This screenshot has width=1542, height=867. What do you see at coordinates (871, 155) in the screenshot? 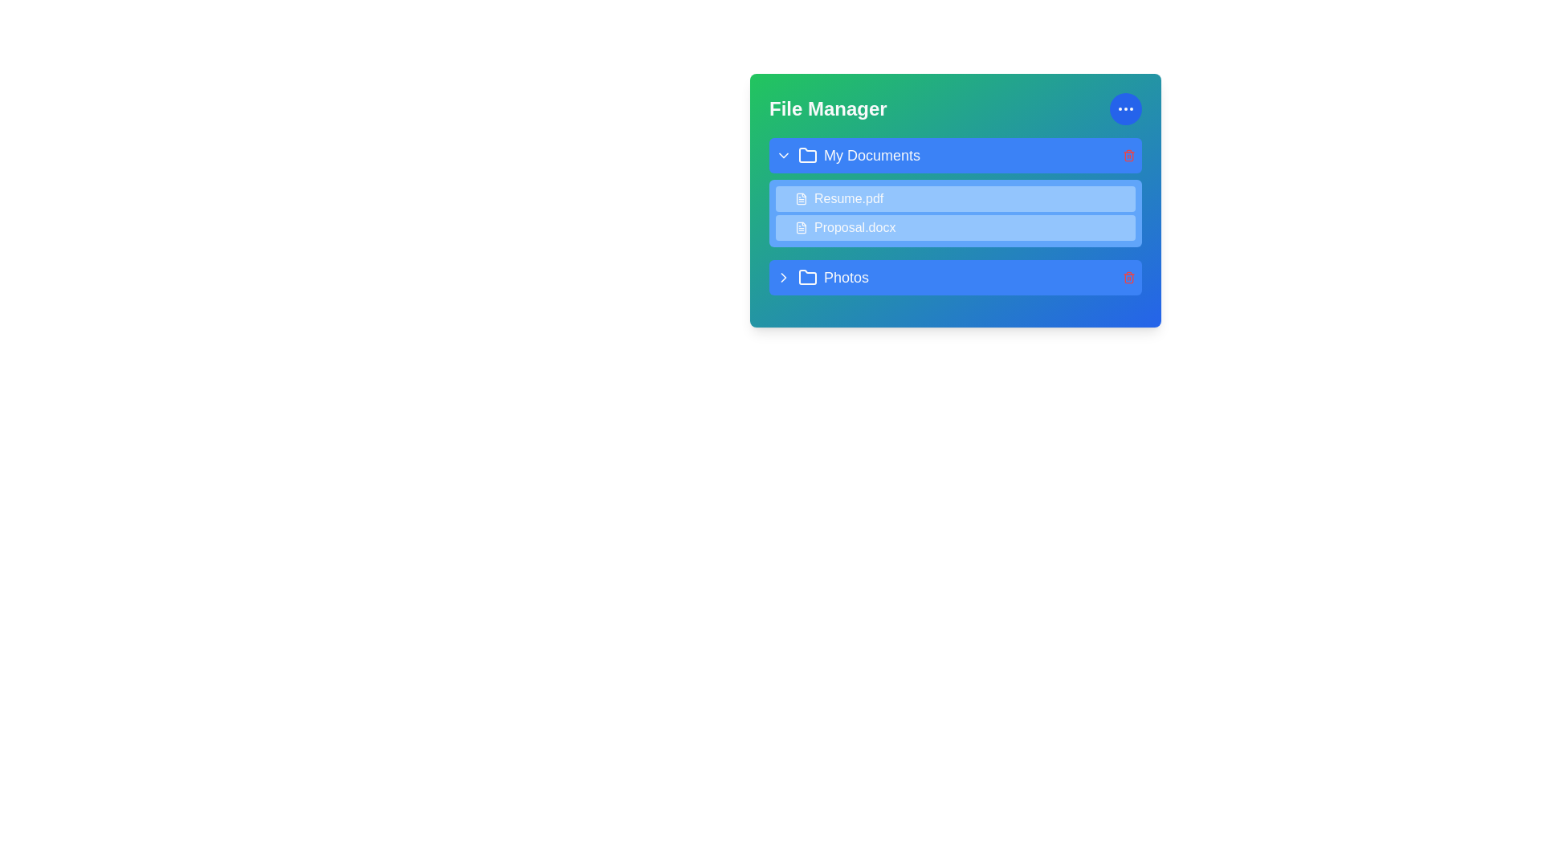
I see `the 'My Documents' text label, which is rendered in a bold and large font against a blue rectangle` at bounding box center [871, 155].